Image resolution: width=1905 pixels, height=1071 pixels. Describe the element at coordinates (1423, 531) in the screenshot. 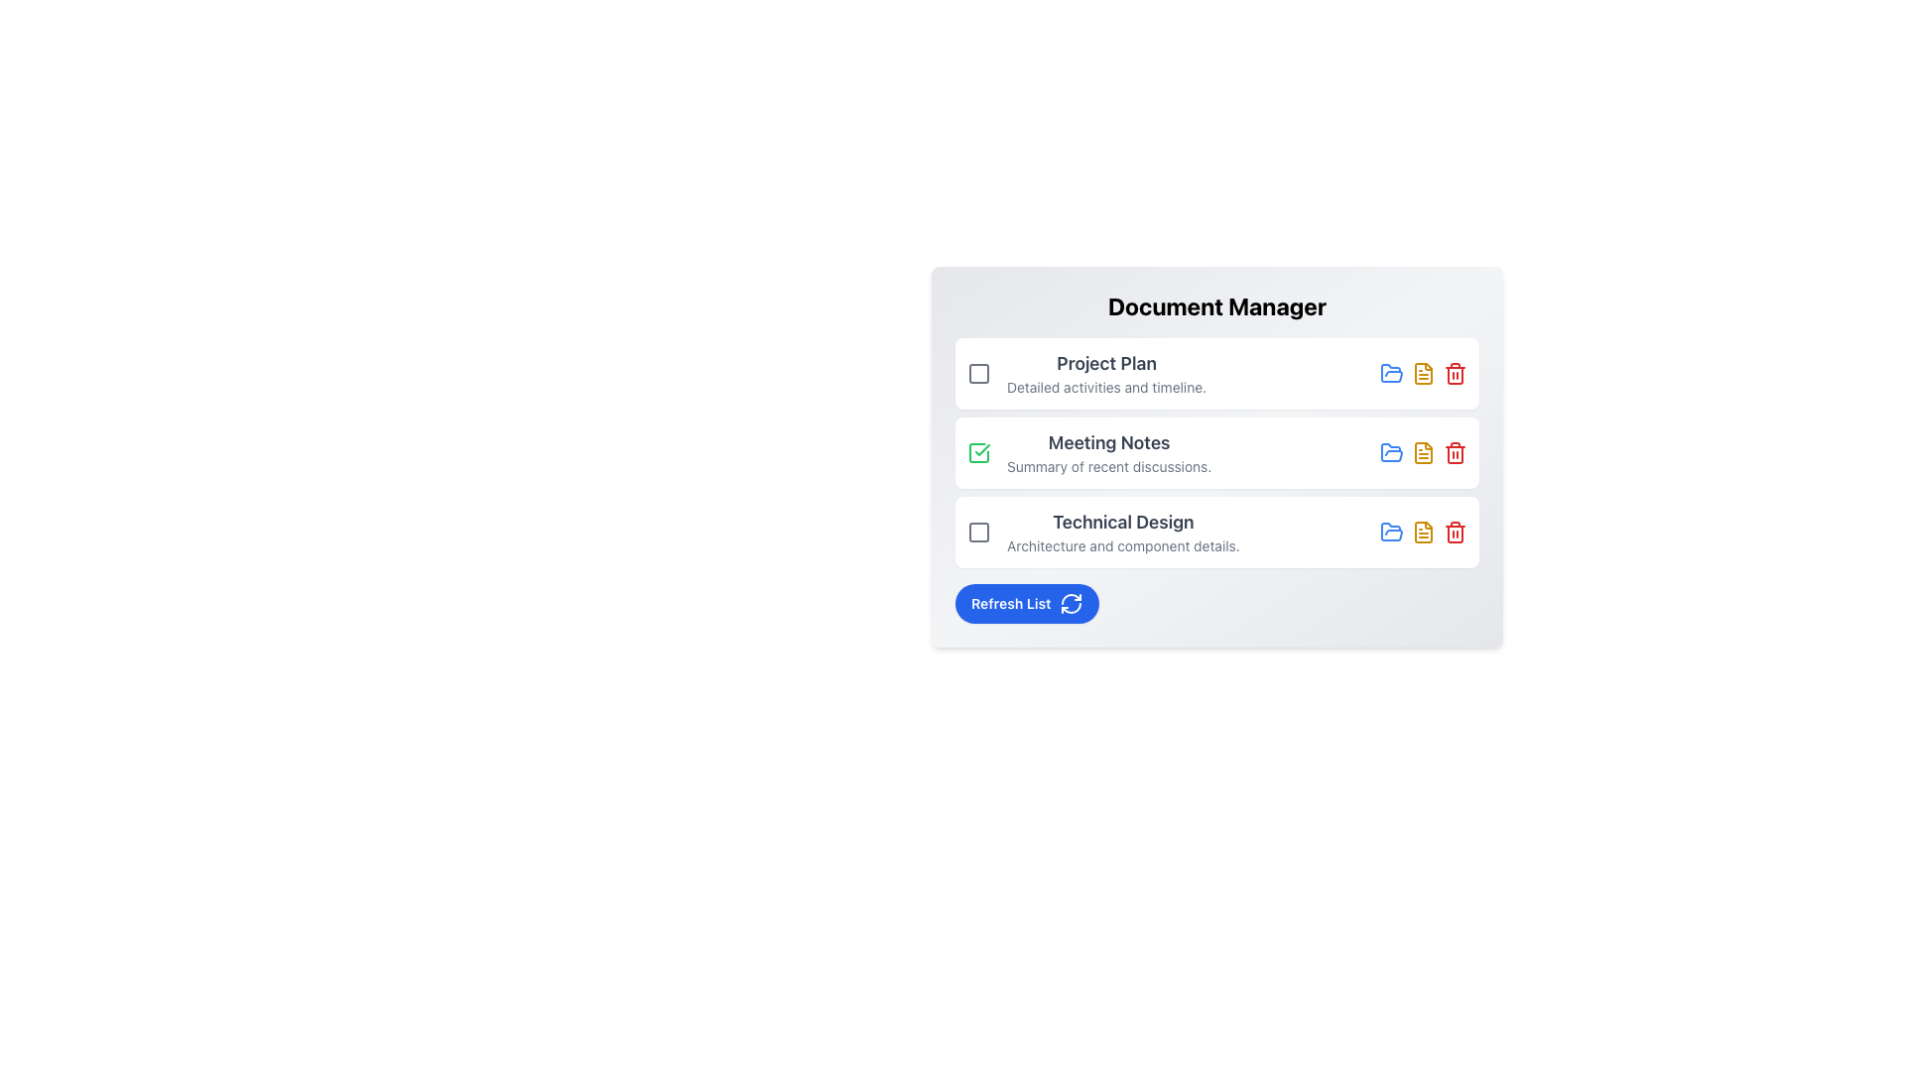

I see `the second interactive icon at the far right of the 'Technical Design' list item` at that location.